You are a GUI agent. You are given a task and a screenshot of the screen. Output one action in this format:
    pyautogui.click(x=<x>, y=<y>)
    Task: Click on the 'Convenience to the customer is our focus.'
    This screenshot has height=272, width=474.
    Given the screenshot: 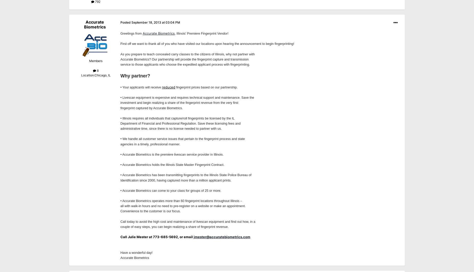 What is the action you would take?
    pyautogui.click(x=120, y=211)
    